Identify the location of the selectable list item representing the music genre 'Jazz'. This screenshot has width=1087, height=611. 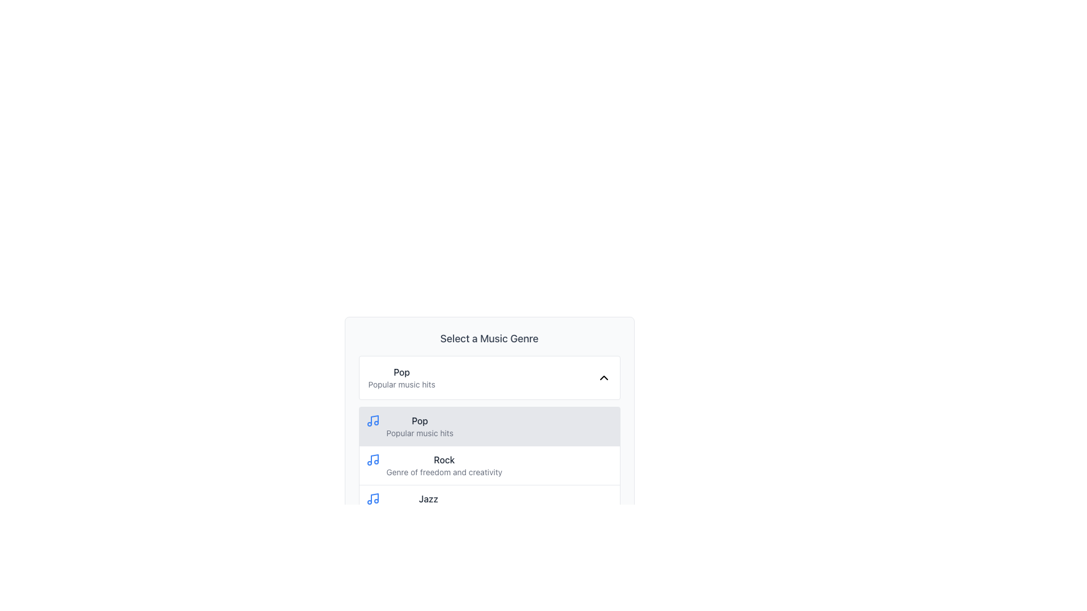
(489, 504).